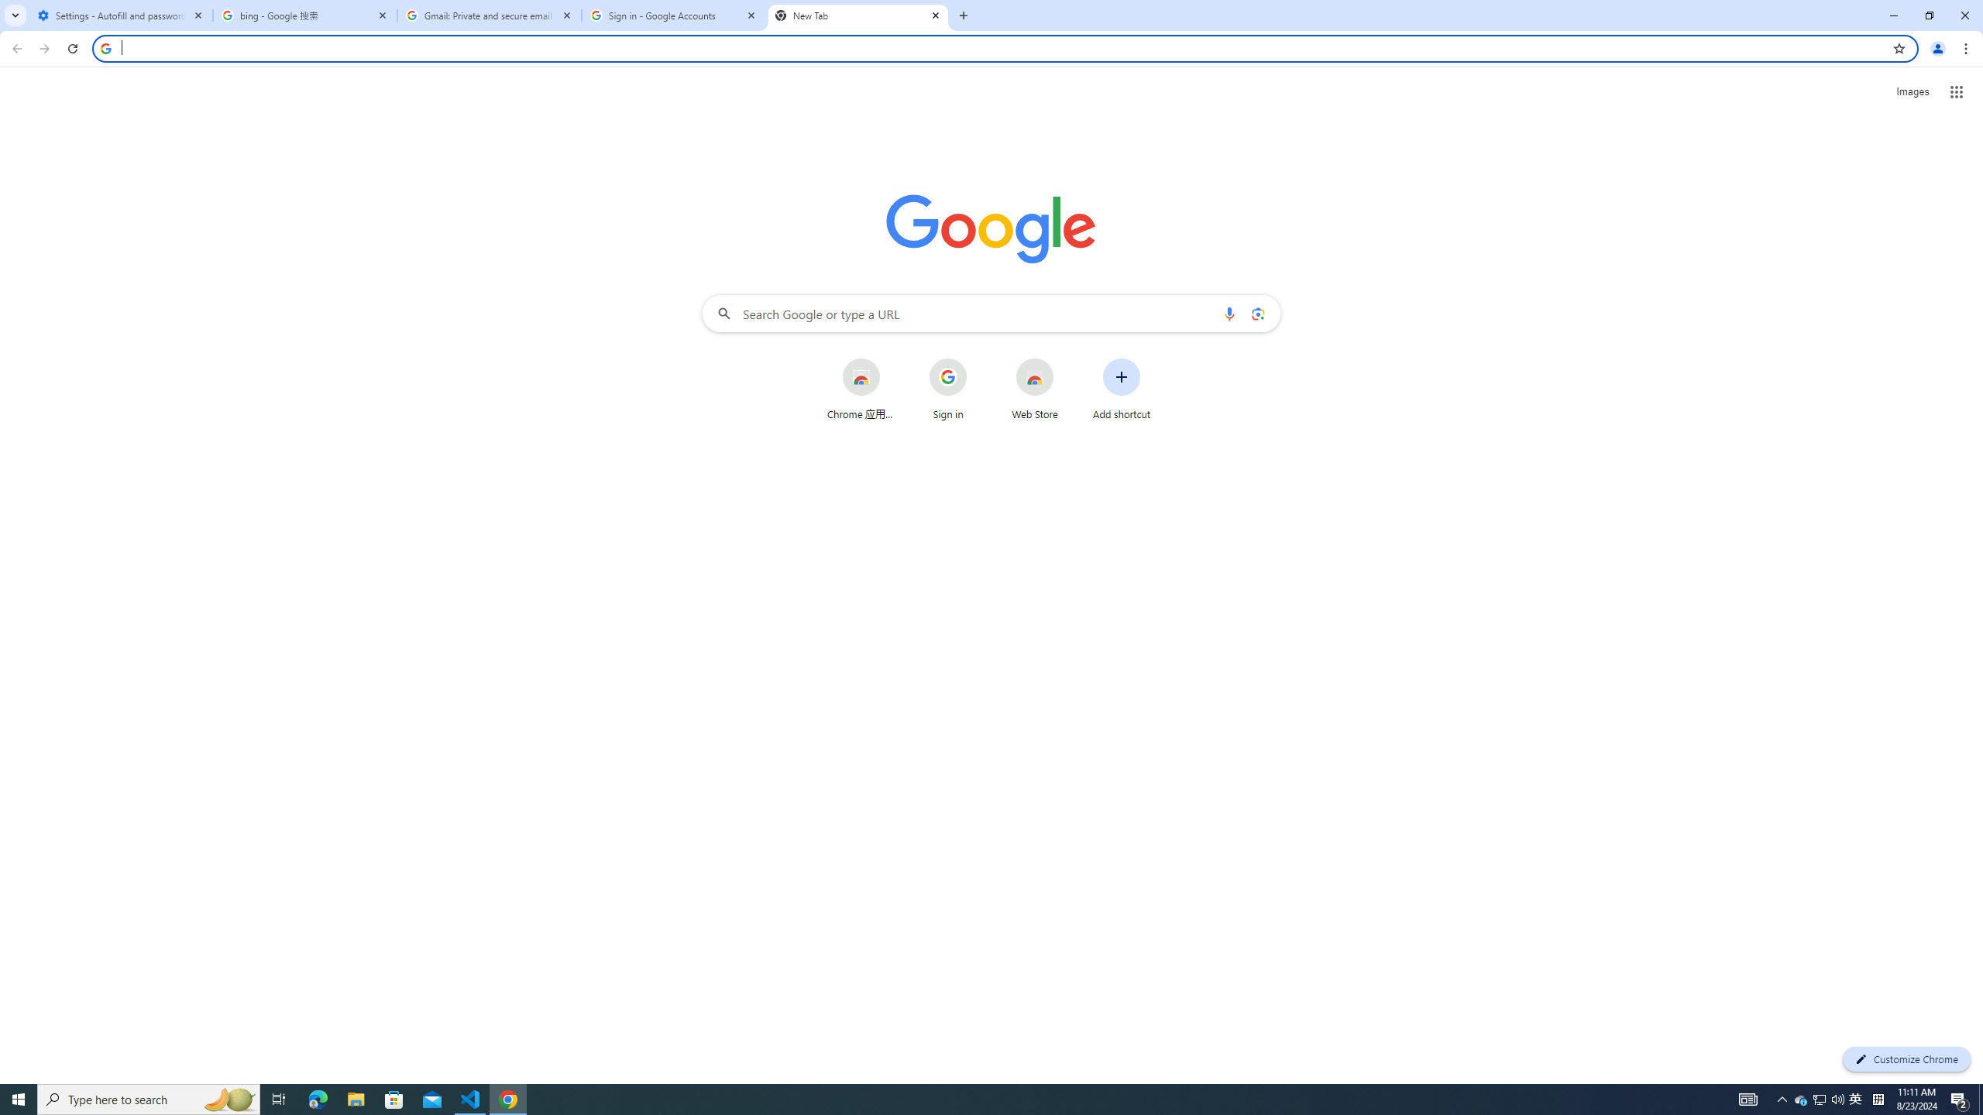 The image size is (1983, 1115). I want to click on 'More actions for Sign in shortcut', so click(978, 359).